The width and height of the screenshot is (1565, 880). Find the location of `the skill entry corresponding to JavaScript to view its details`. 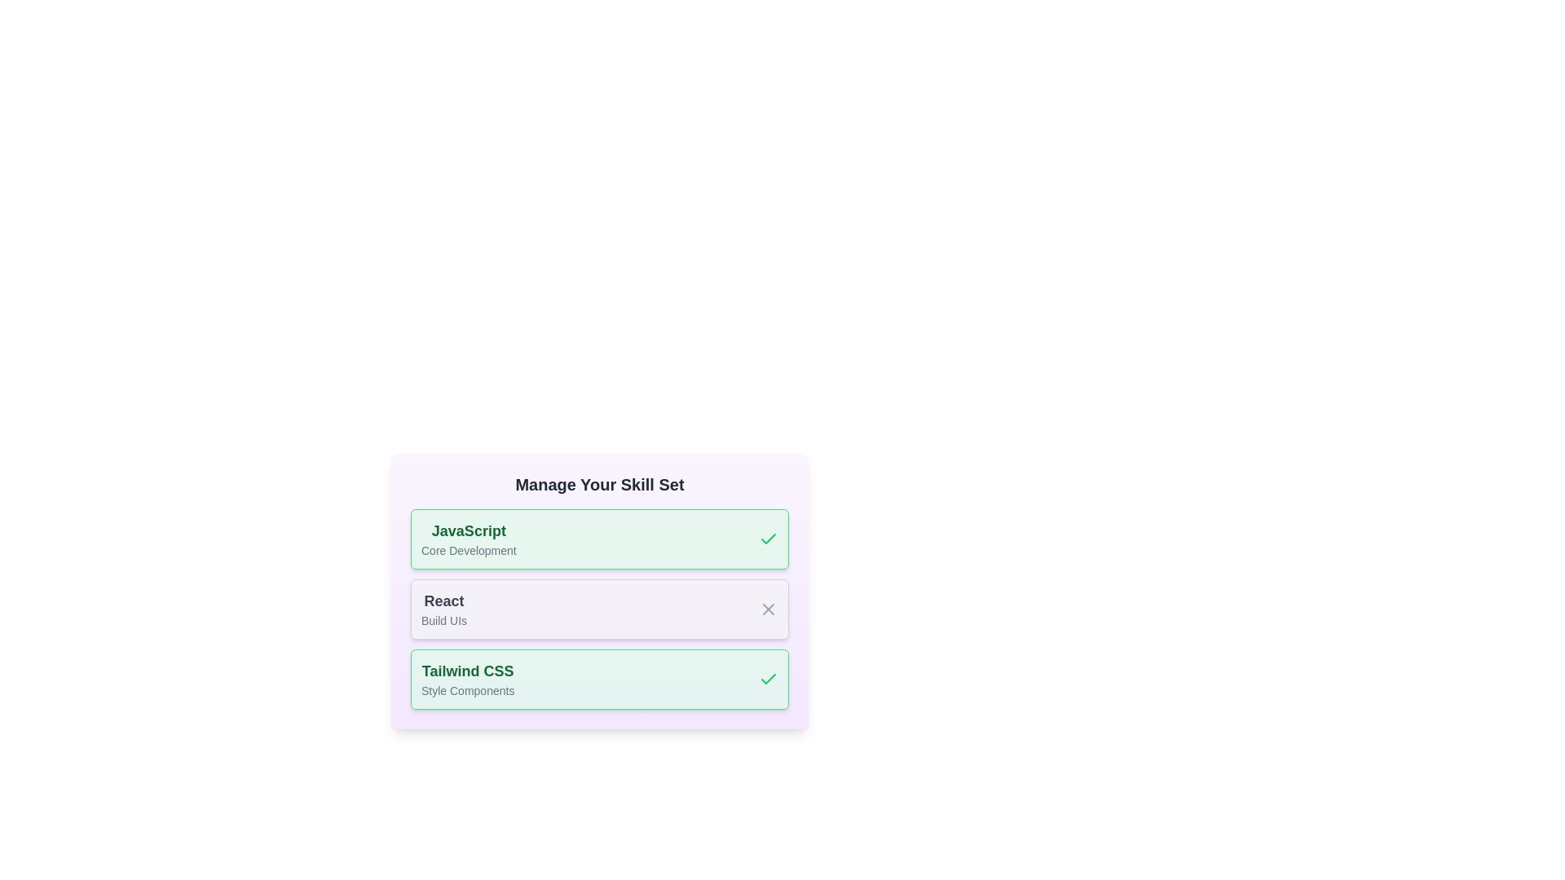

the skill entry corresponding to JavaScript to view its details is located at coordinates (468, 539).